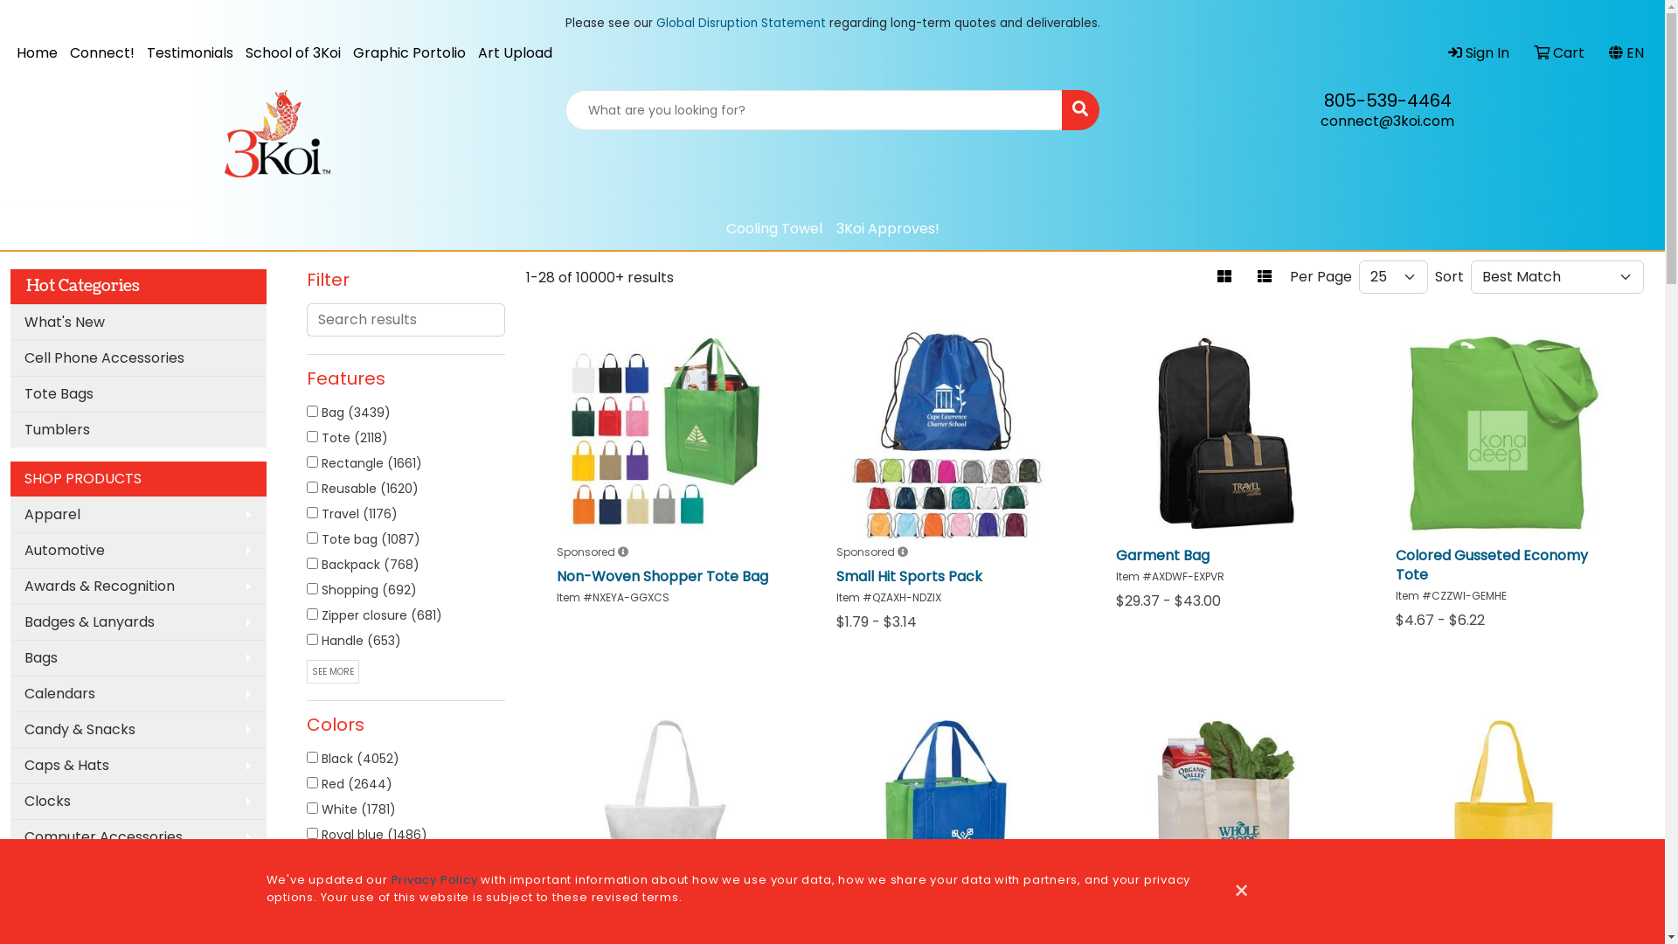 This screenshot has width=1678, height=944. I want to click on 'Cart', so click(1559, 52).